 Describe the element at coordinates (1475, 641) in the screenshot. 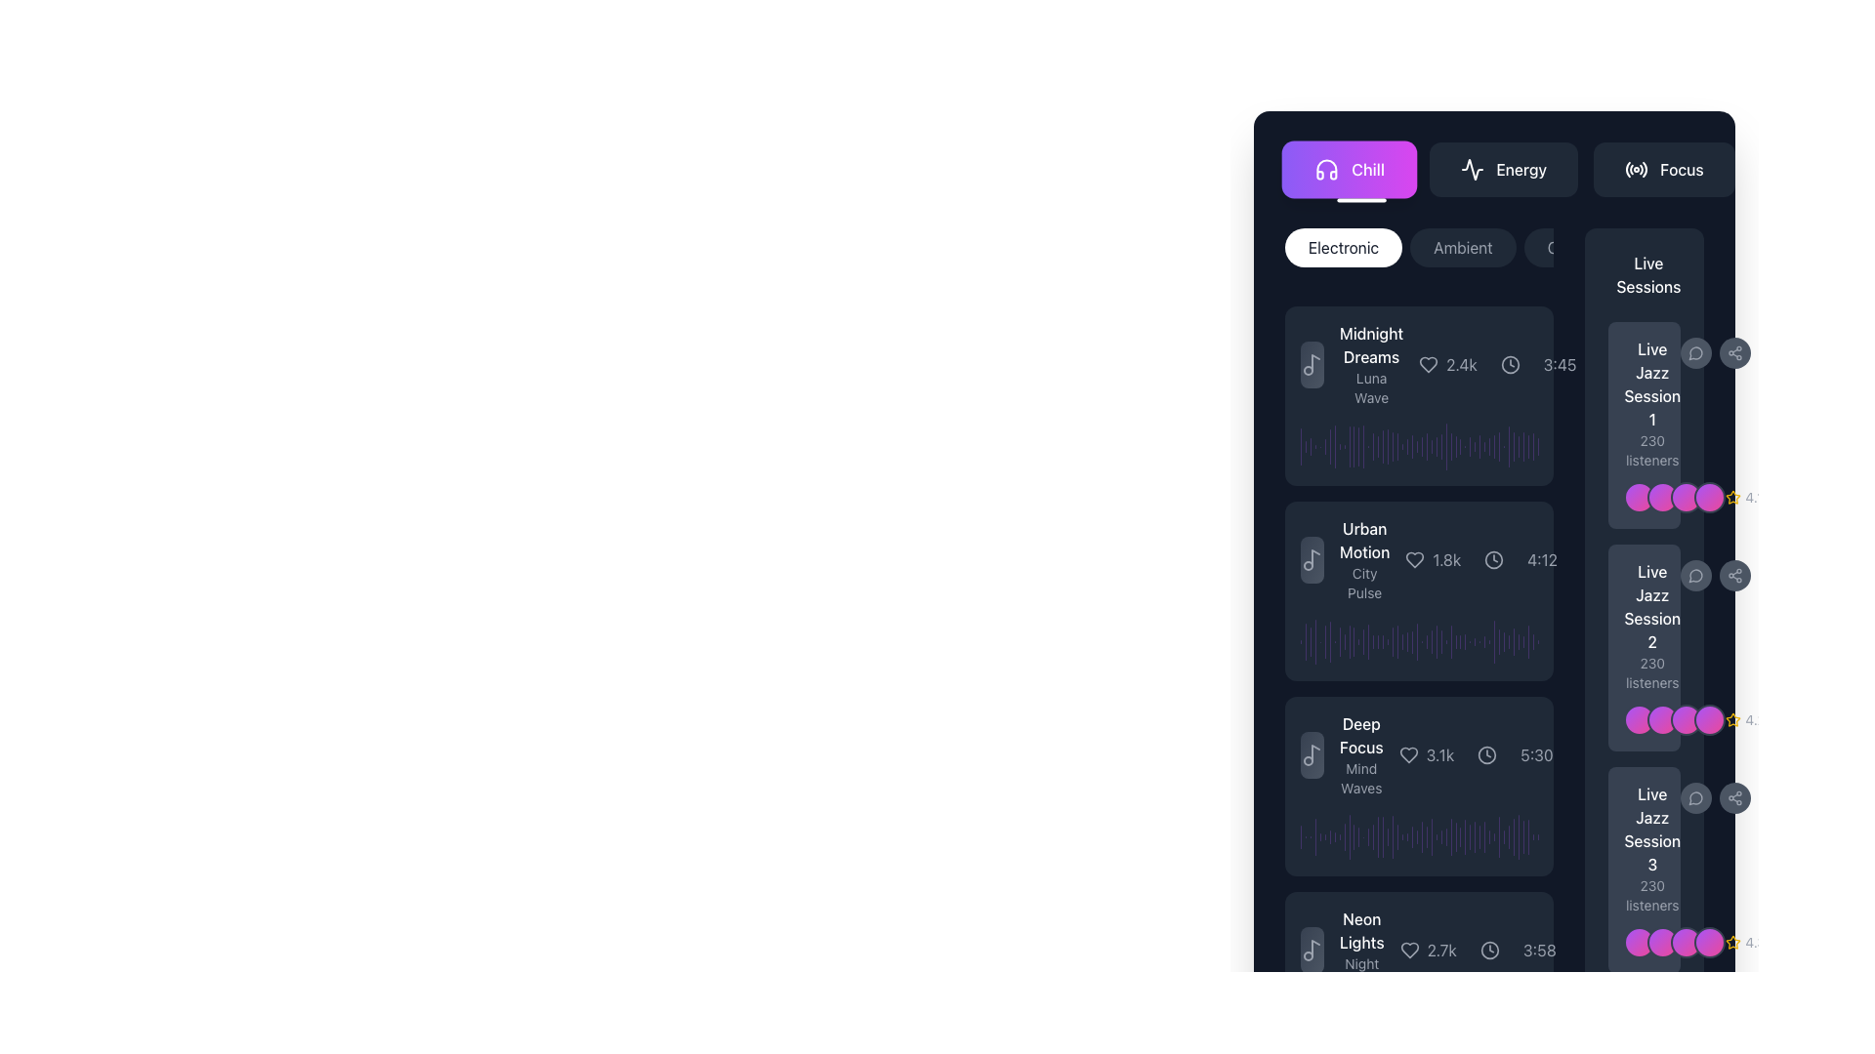

I see `the 34th visual indicator bar in the sequence of vertically aligned bars located at the bottom right of the interface` at that location.